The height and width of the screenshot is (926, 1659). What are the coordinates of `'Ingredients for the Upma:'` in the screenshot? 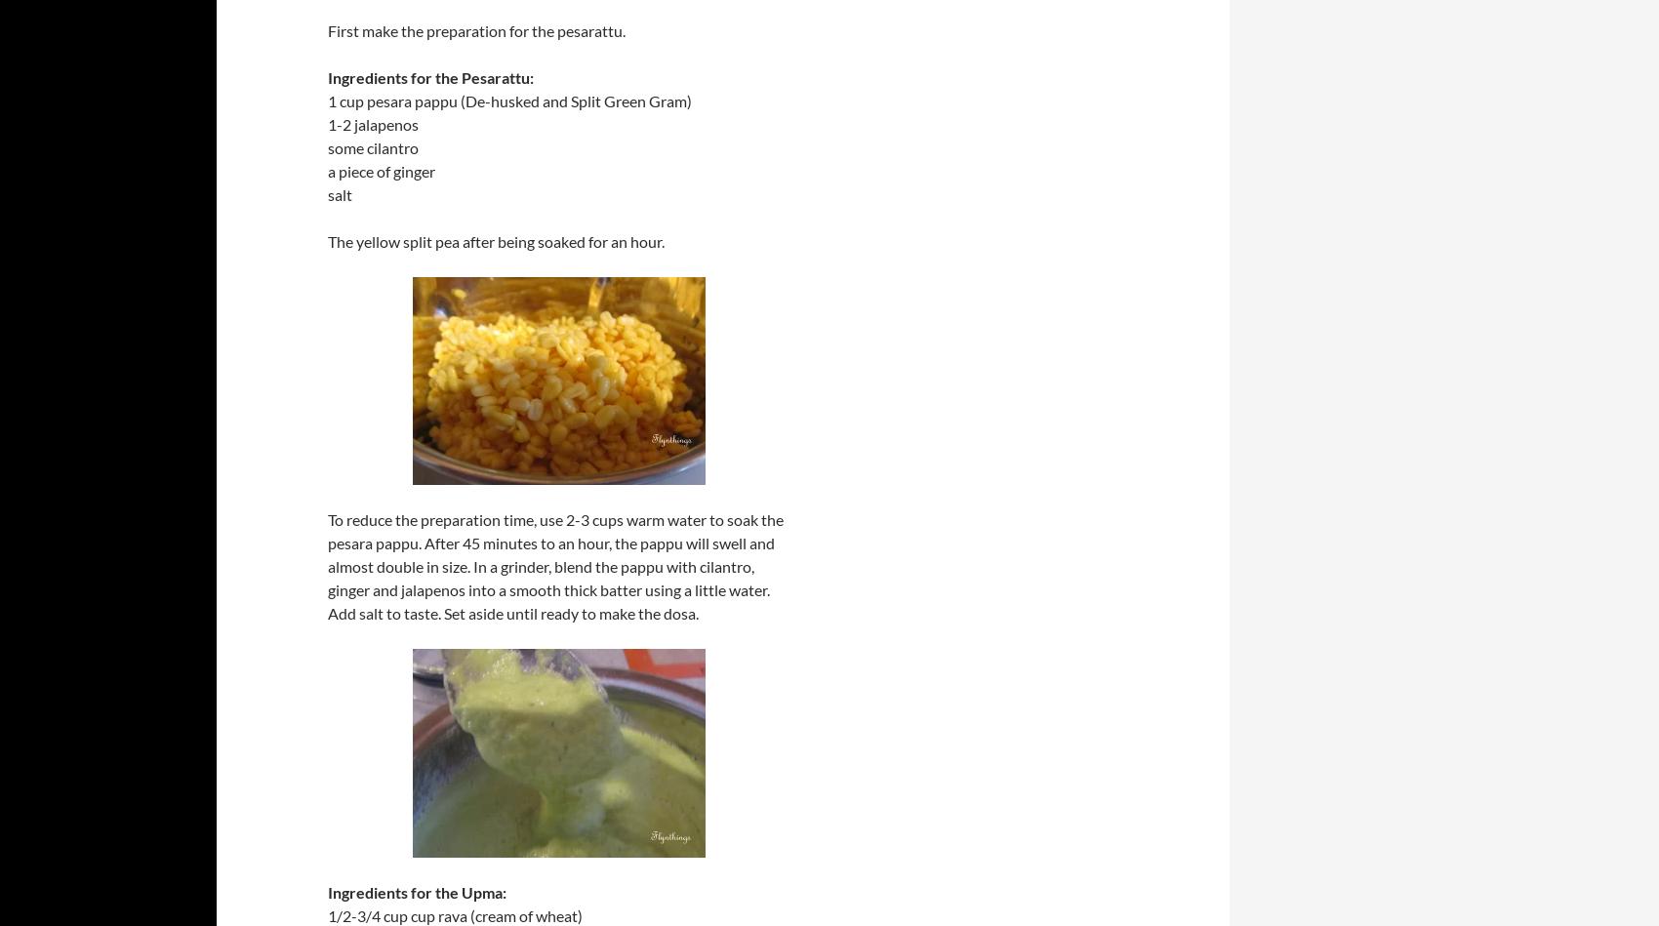 It's located at (417, 891).